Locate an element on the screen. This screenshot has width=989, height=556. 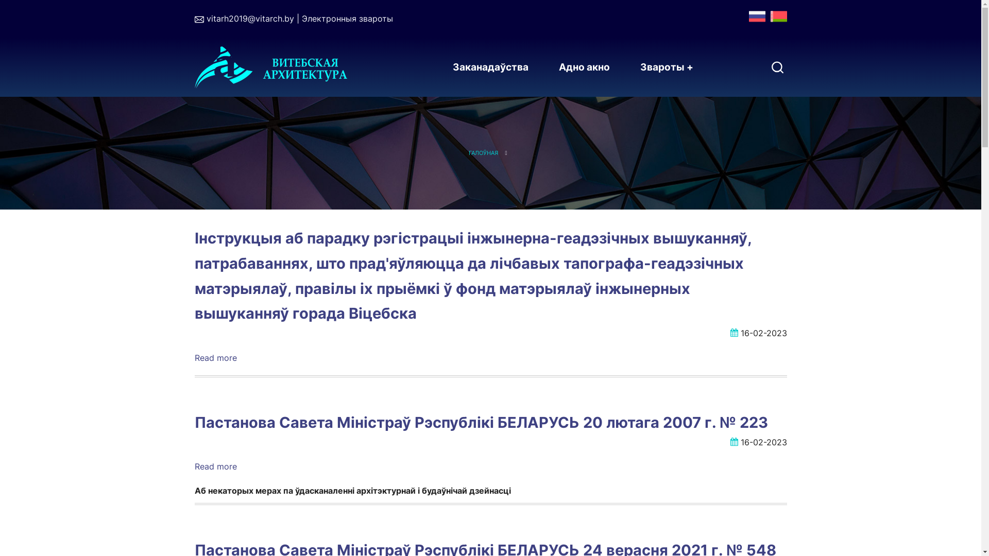
'vitarh2019@vitarch.by' is located at coordinates (206, 18).